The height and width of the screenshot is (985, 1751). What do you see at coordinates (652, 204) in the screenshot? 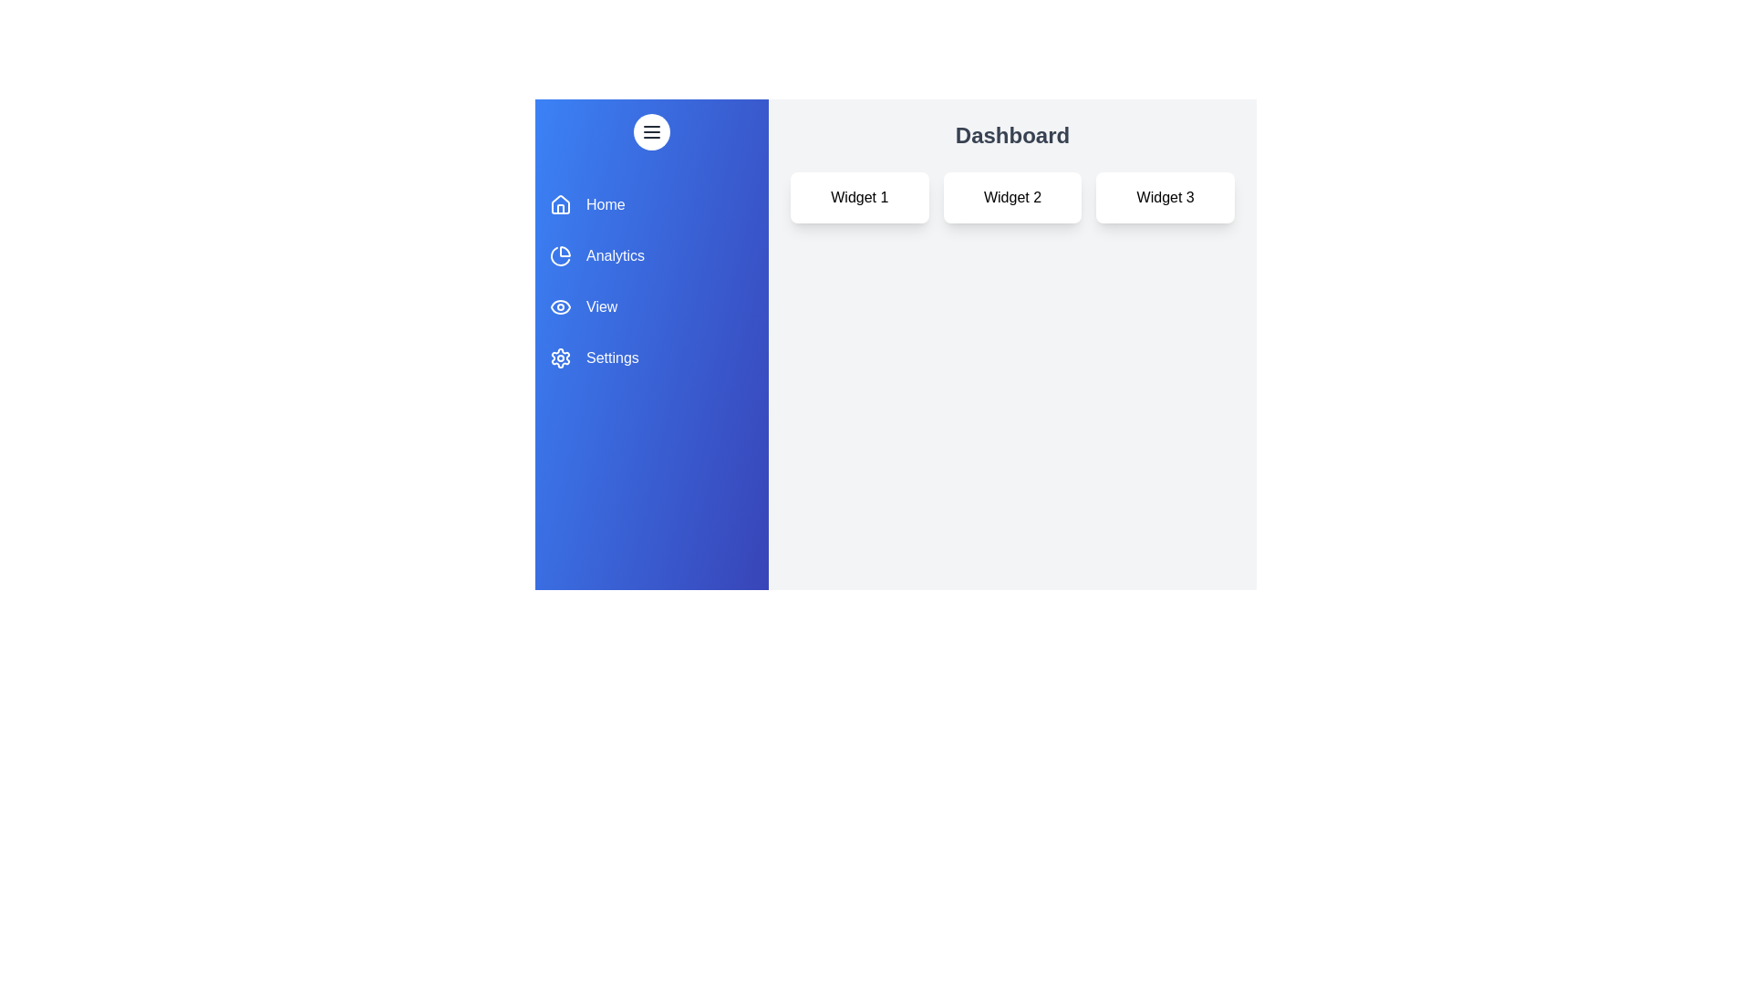
I see `the Home section from the drawer menu` at bounding box center [652, 204].